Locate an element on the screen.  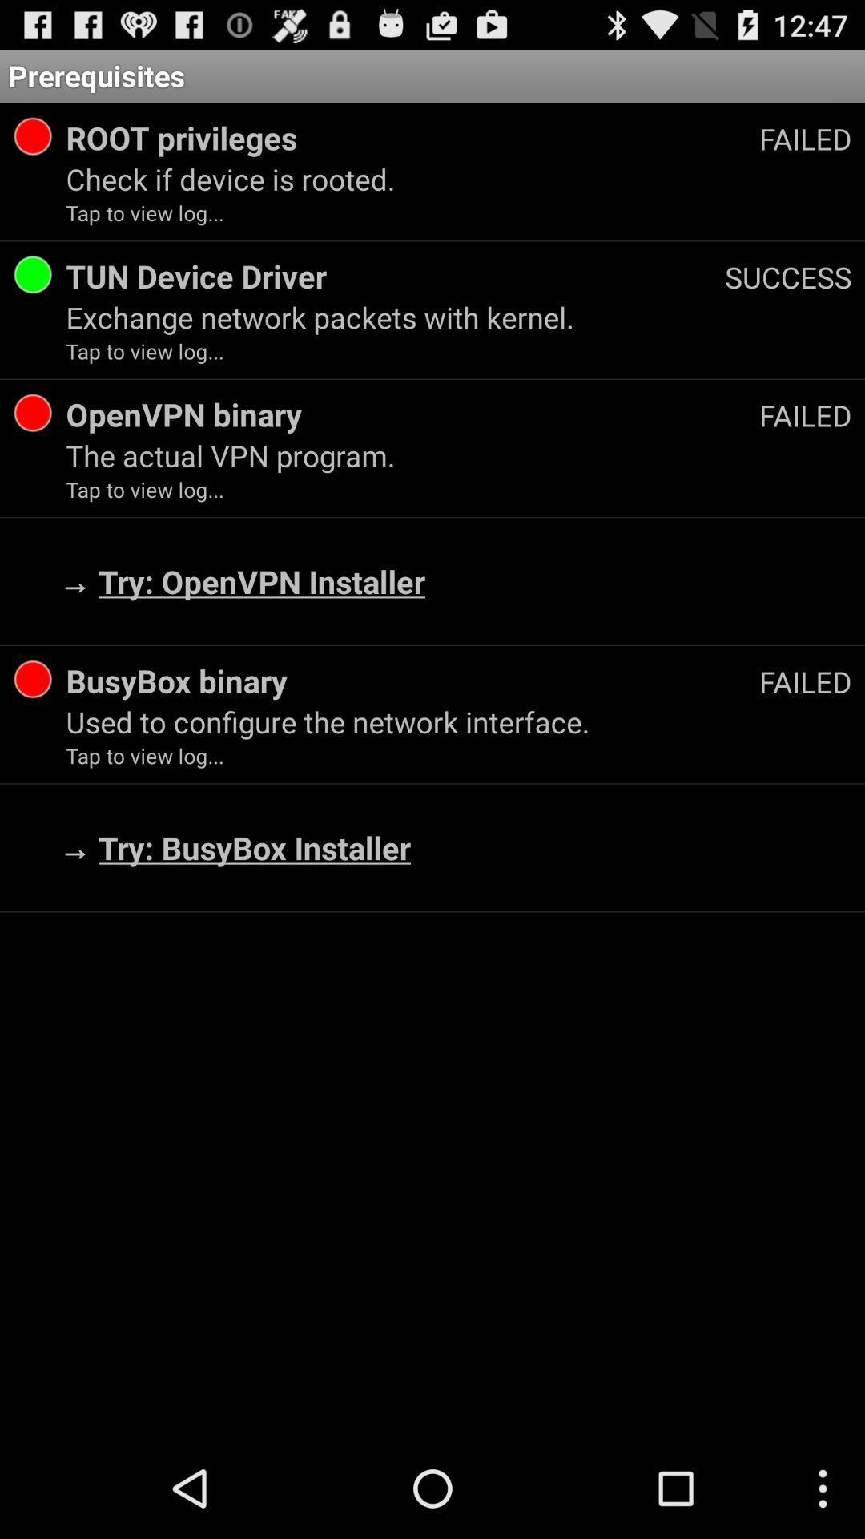
the success is located at coordinates (787, 277).